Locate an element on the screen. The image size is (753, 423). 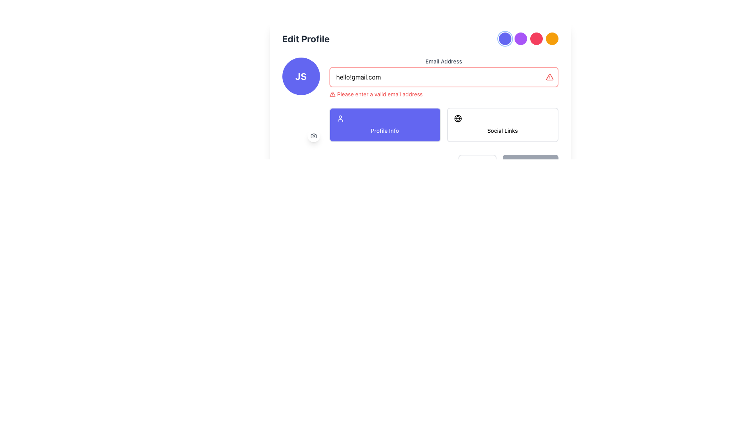
the circular shape within the globe icon, which is positioned at the top-right section of the 'Social Links' button is located at coordinates (458, 119).